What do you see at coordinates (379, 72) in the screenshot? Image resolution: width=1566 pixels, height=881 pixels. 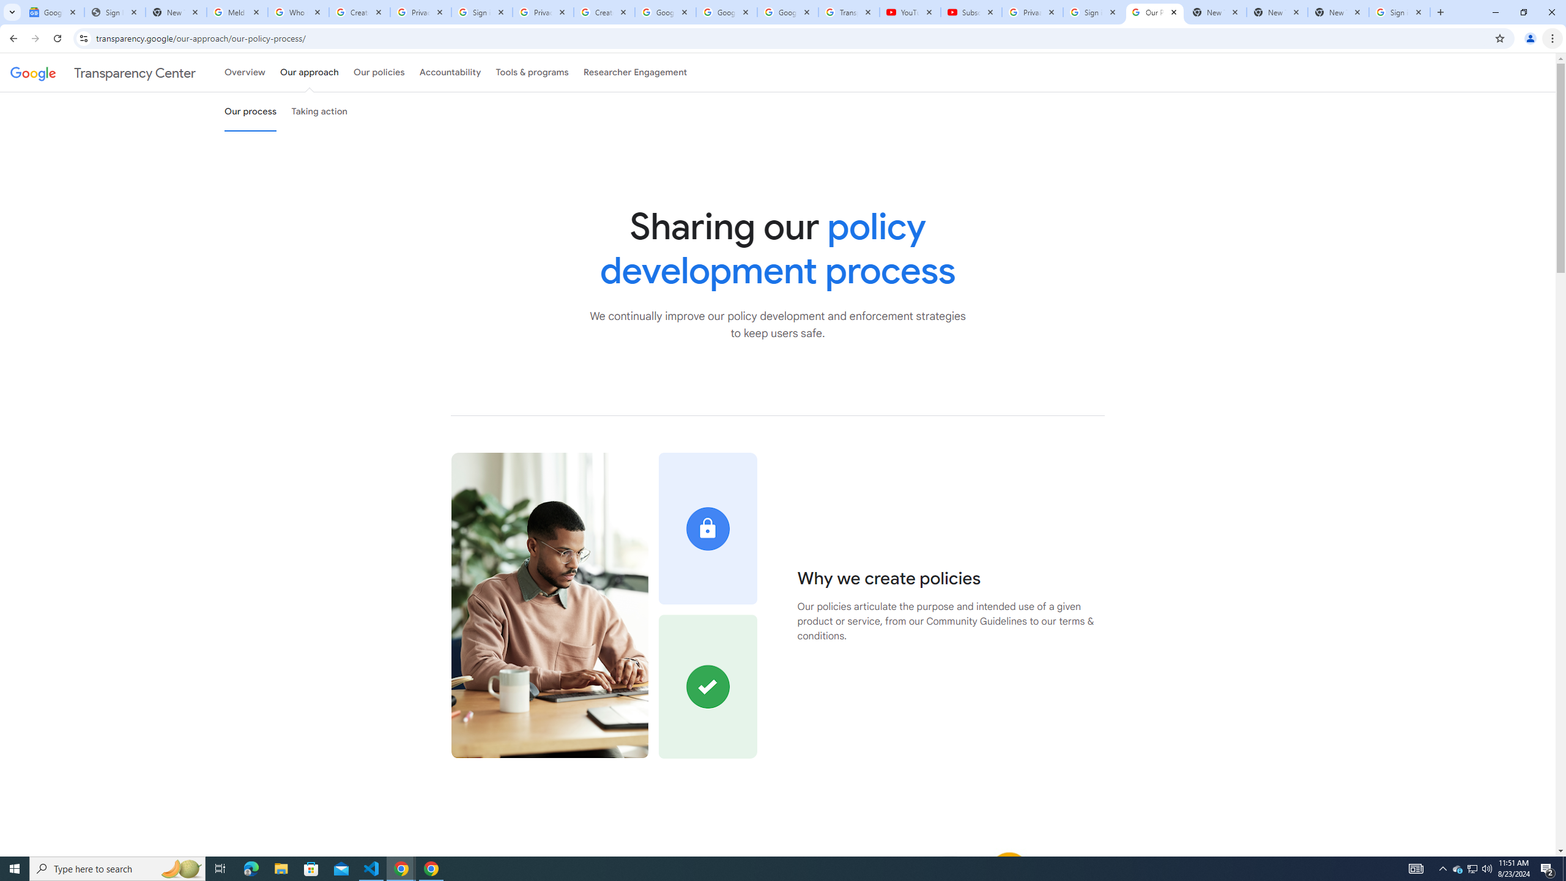 I see `'Our policies'` at bounding box center [379, 72].